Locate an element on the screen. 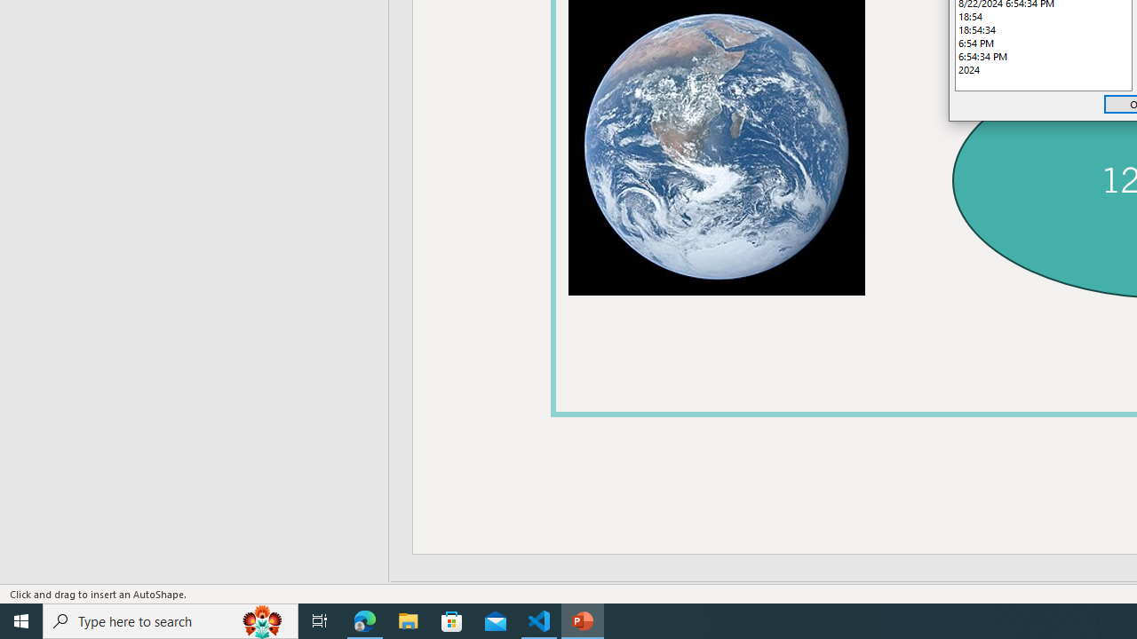 The image size is (1137, 639). '18:54' is located at coordinates (1044, 16).